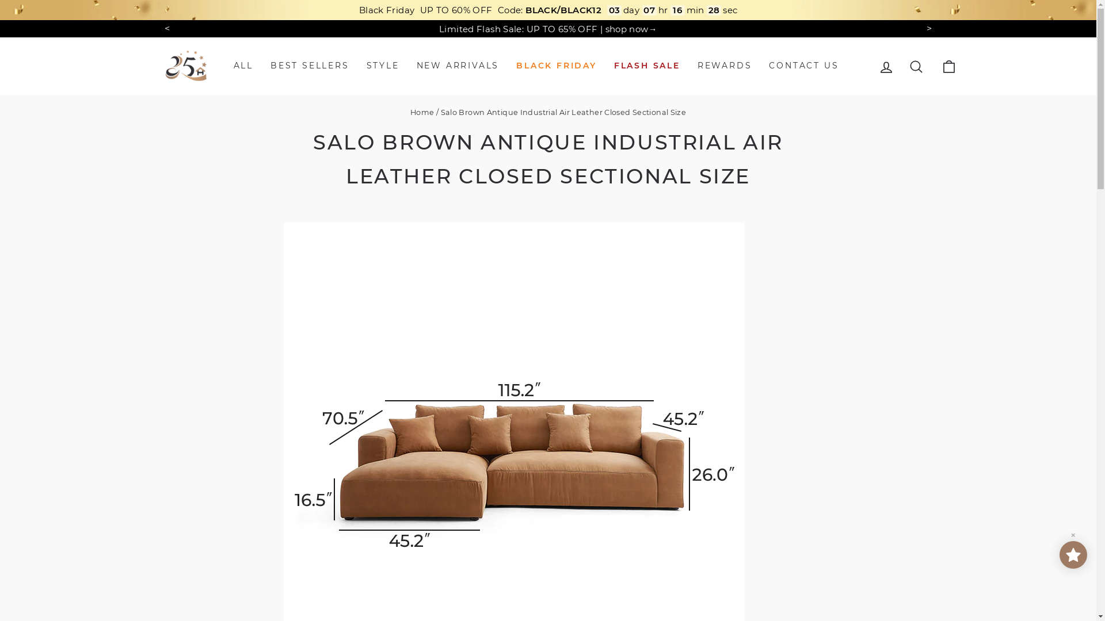 The image size is (1105, 621). I want to click on 'Skip to content', so click(0, 0).